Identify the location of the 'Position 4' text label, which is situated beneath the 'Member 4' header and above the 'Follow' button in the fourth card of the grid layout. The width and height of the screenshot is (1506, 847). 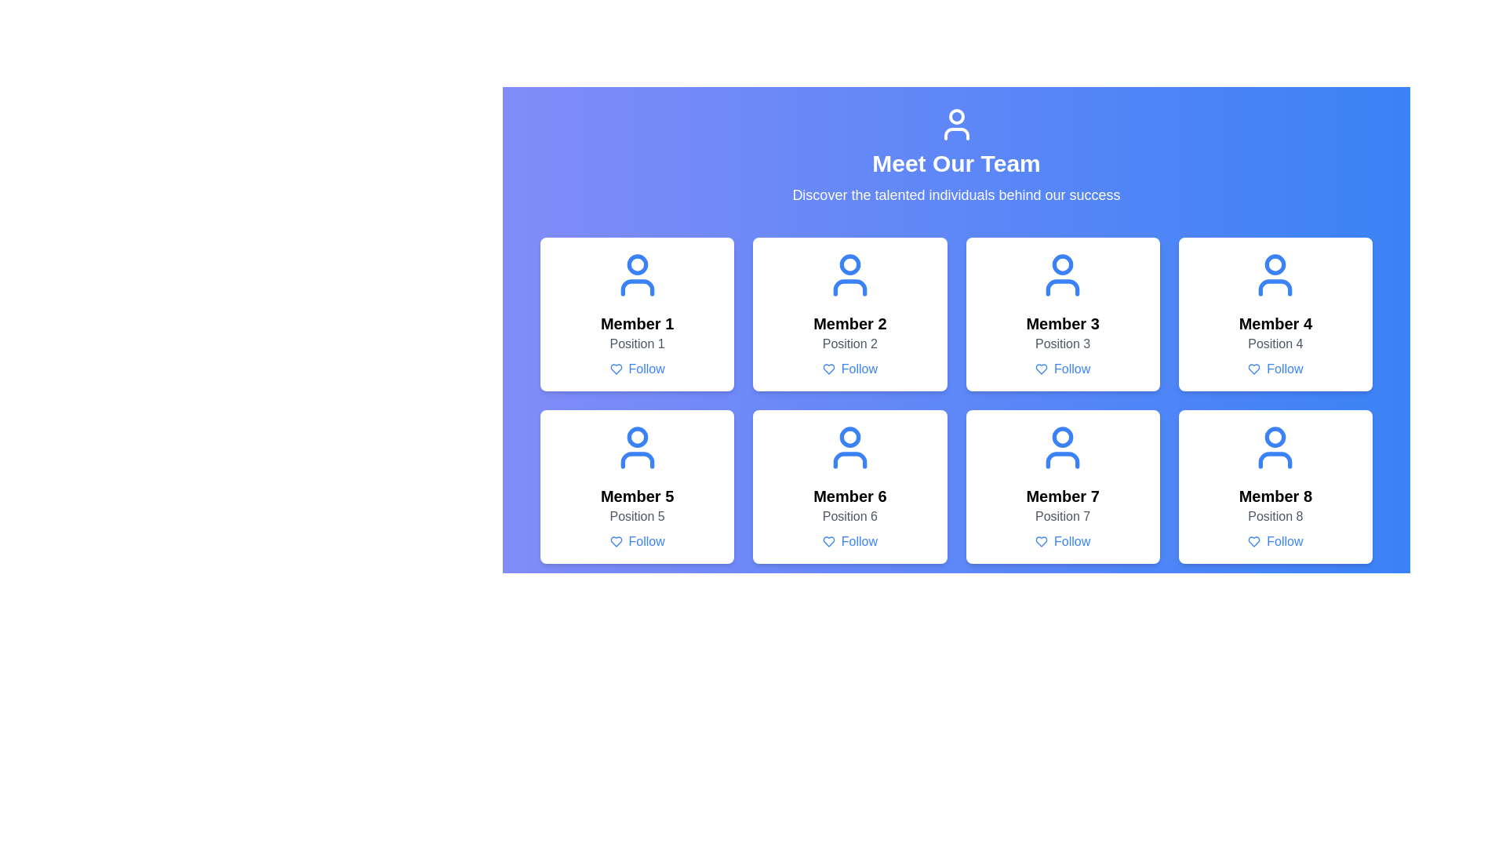
(1275, 344).